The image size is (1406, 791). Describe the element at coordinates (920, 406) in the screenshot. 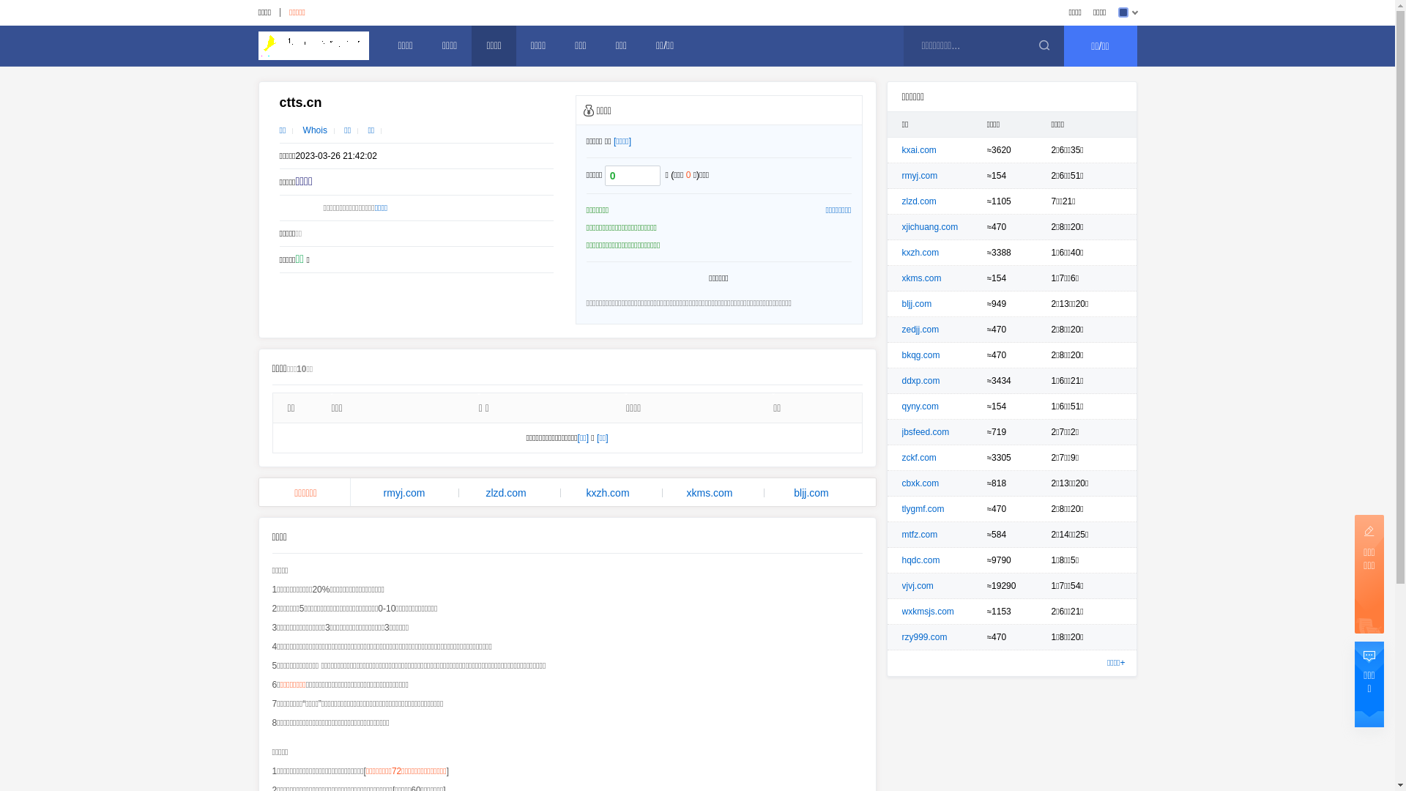

I see `'qyny.com'` at that location.